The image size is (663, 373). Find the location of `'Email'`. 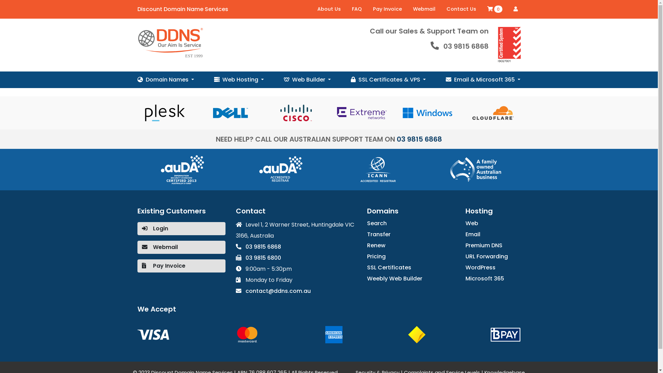

'Email' is located at coordinates (492, 234).